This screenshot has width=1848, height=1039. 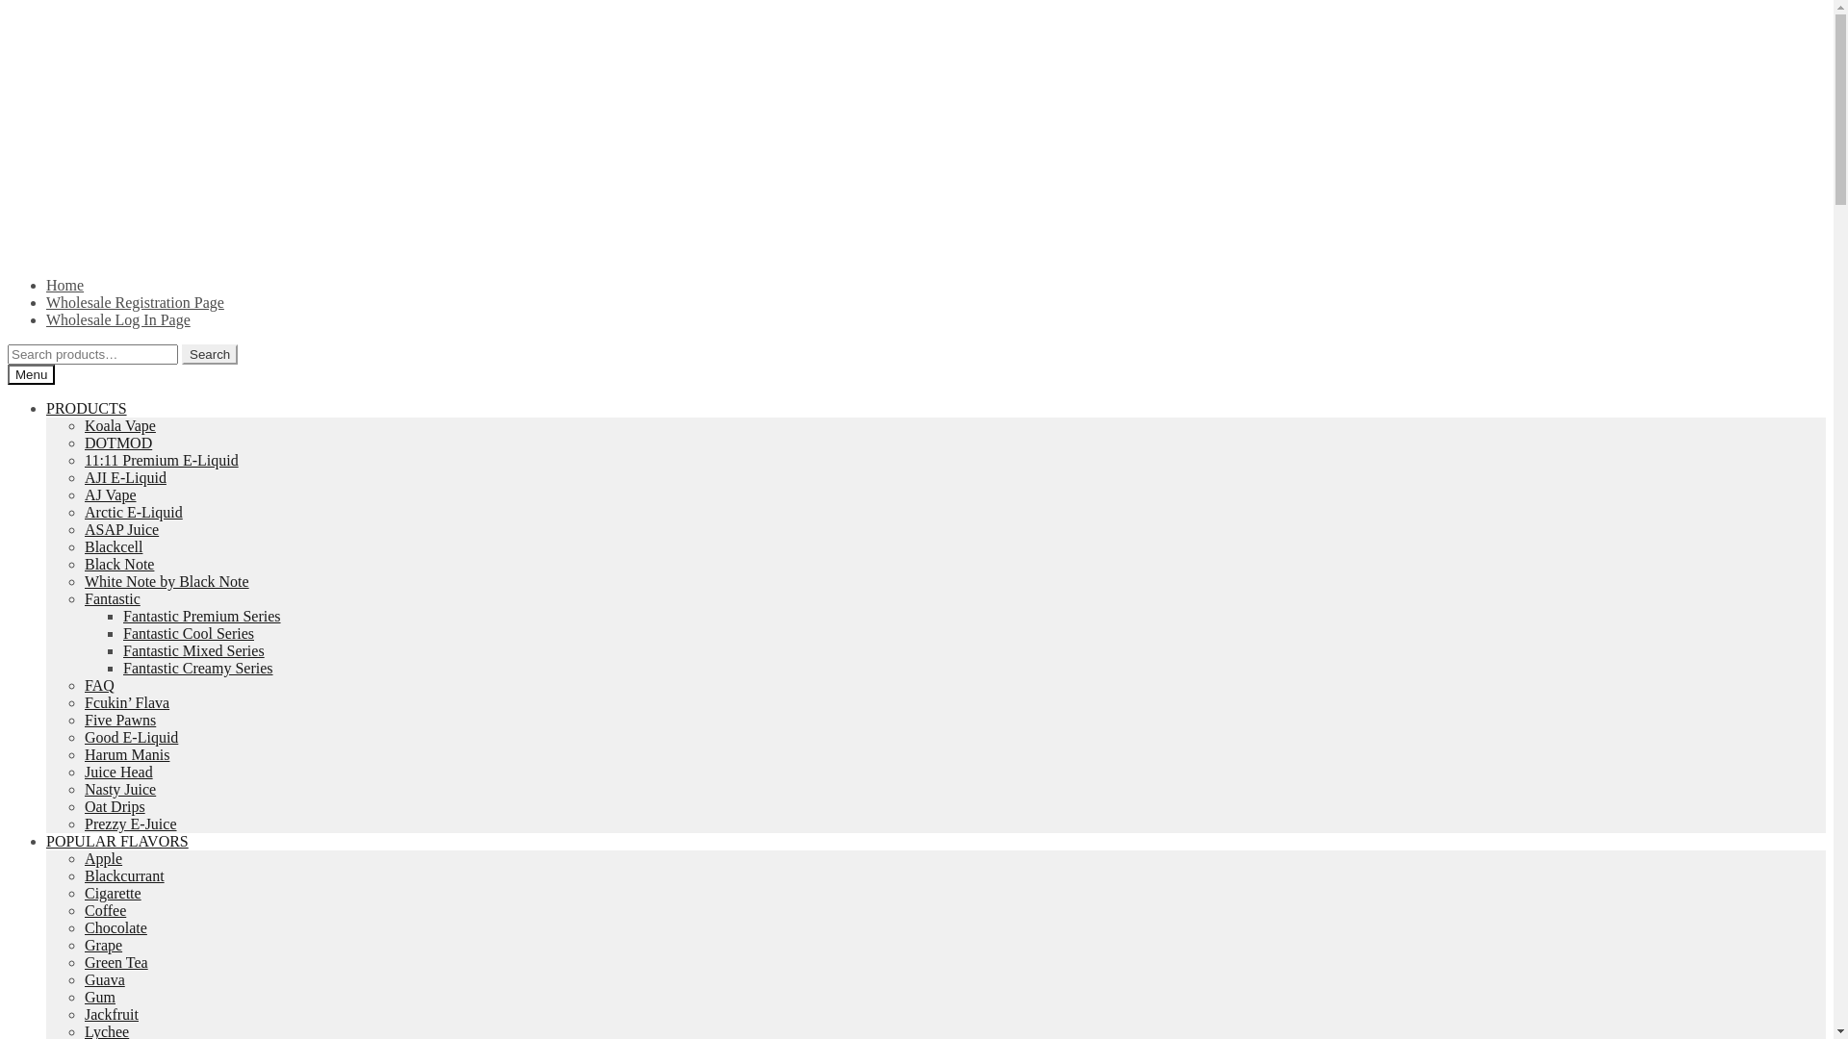 I want to click on 'Harum Manis', so click(x=125, y=753).